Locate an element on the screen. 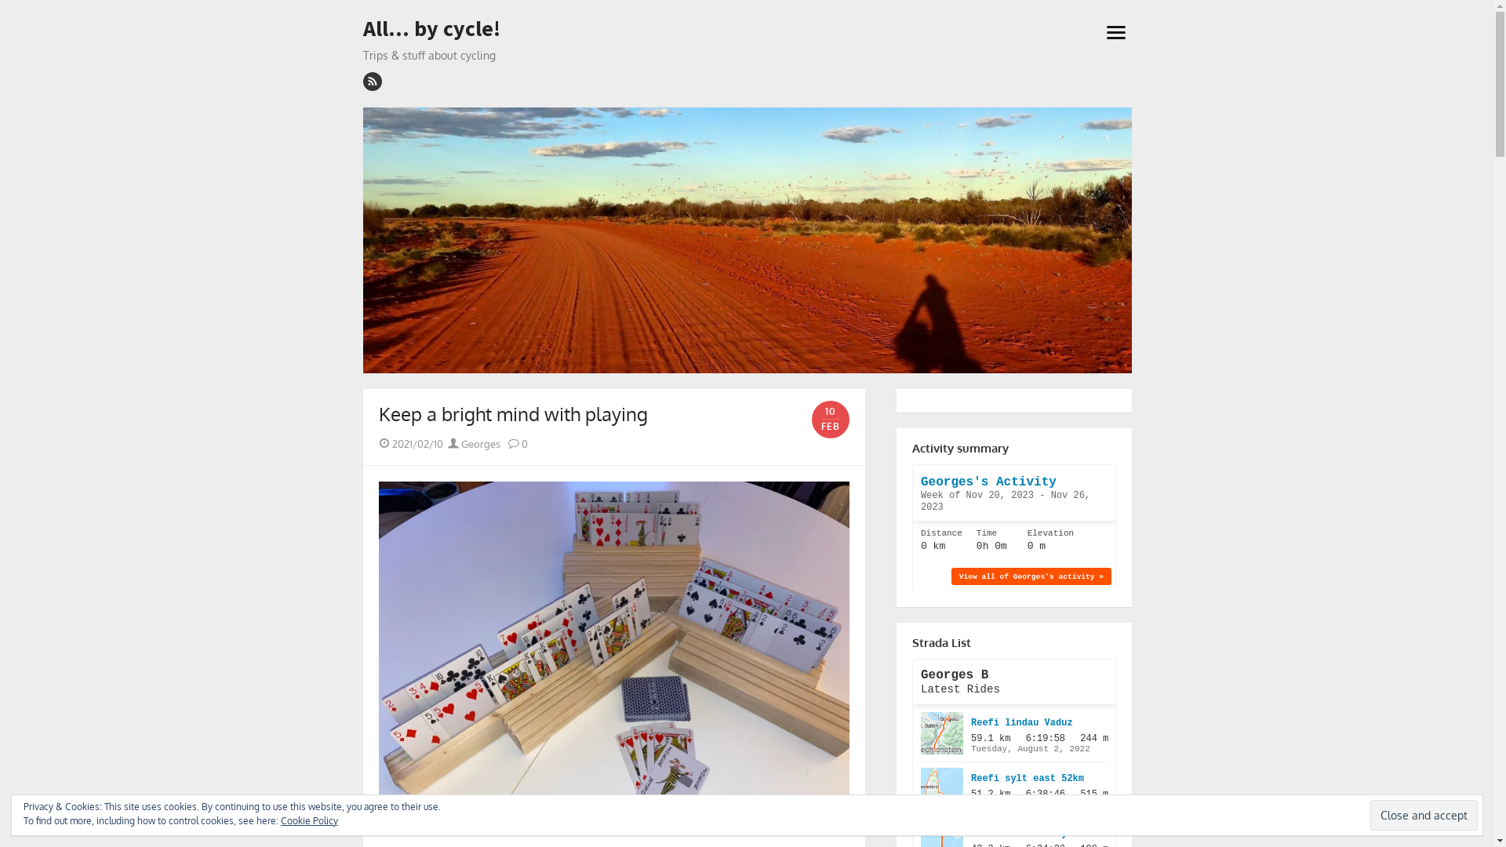 The width and height of the screenshot is (1506, 847). 'open menu' is located at coordinates (1114, 31).